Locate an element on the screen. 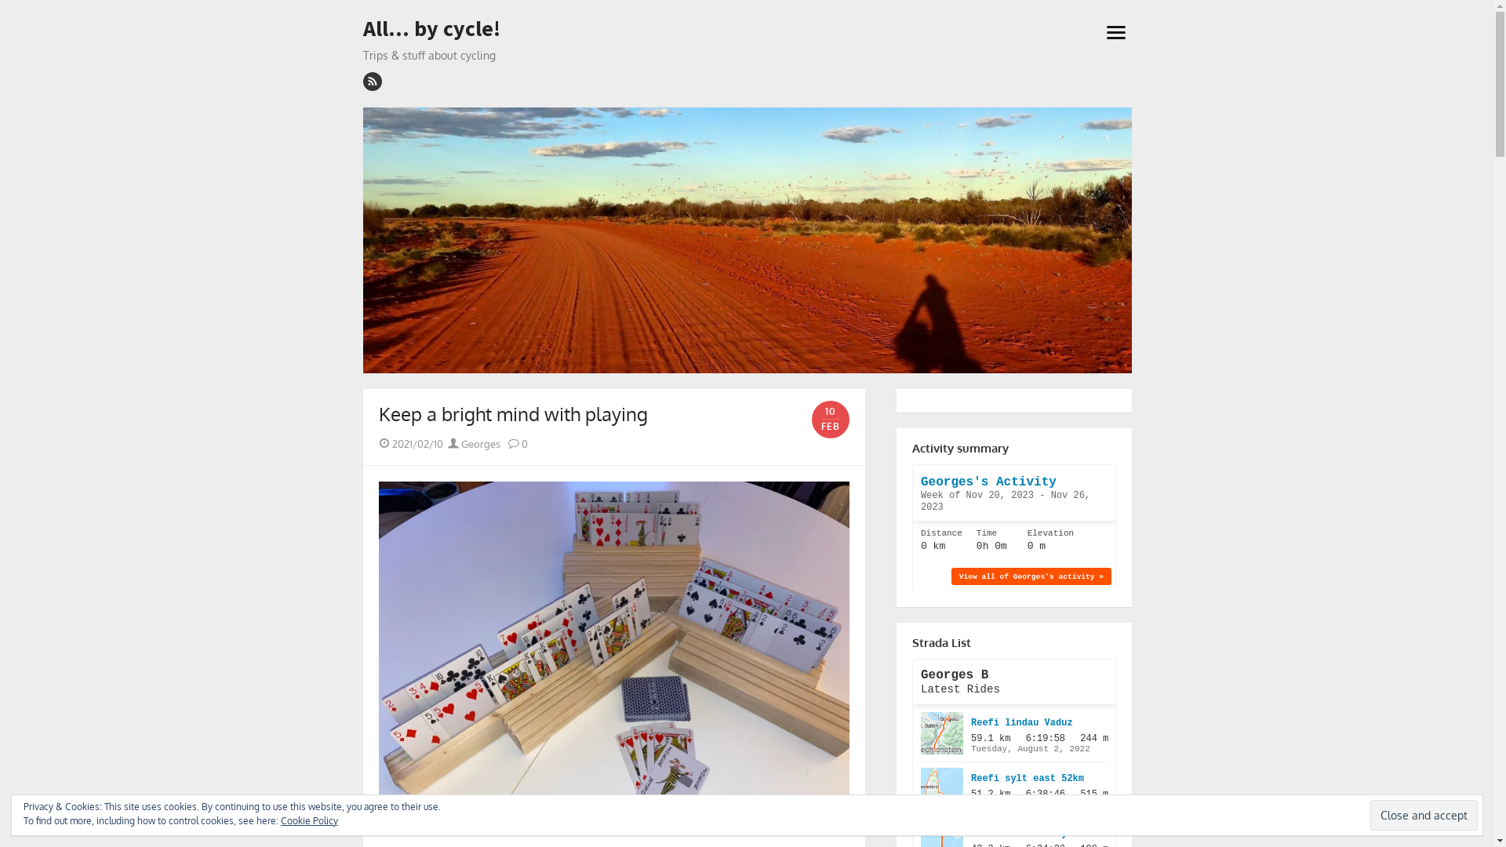 The width and height of the screenshot is (1506, 847). 'open menu' is located at coordinates (1114, 31).